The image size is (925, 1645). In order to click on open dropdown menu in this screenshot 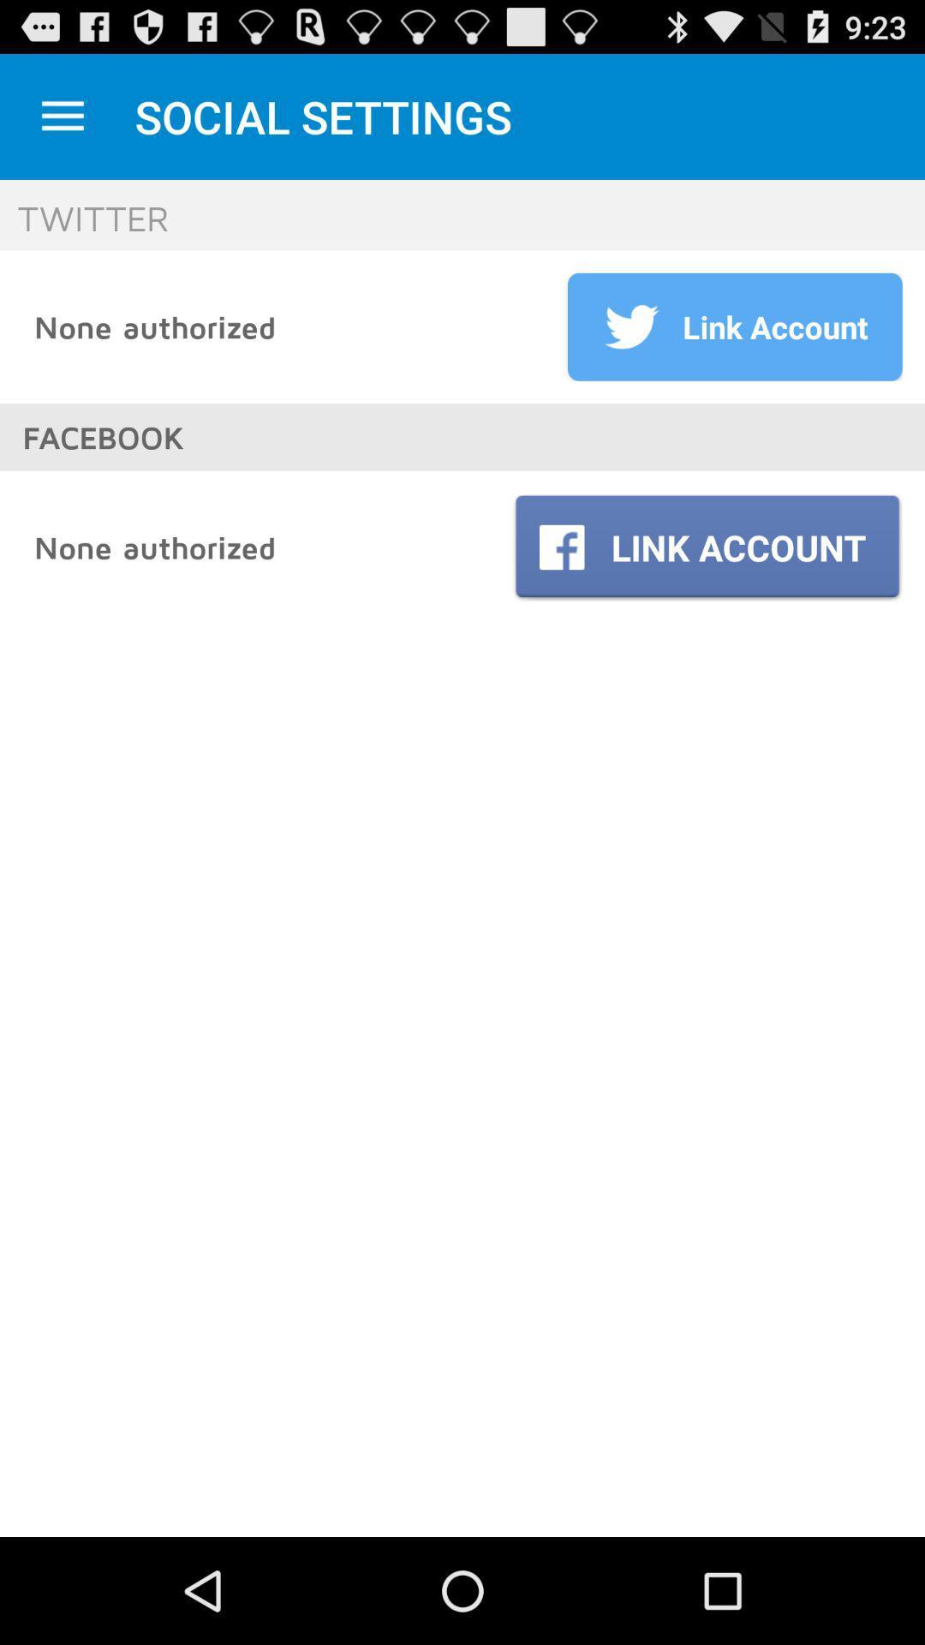, I will do `click(62, 116)`.